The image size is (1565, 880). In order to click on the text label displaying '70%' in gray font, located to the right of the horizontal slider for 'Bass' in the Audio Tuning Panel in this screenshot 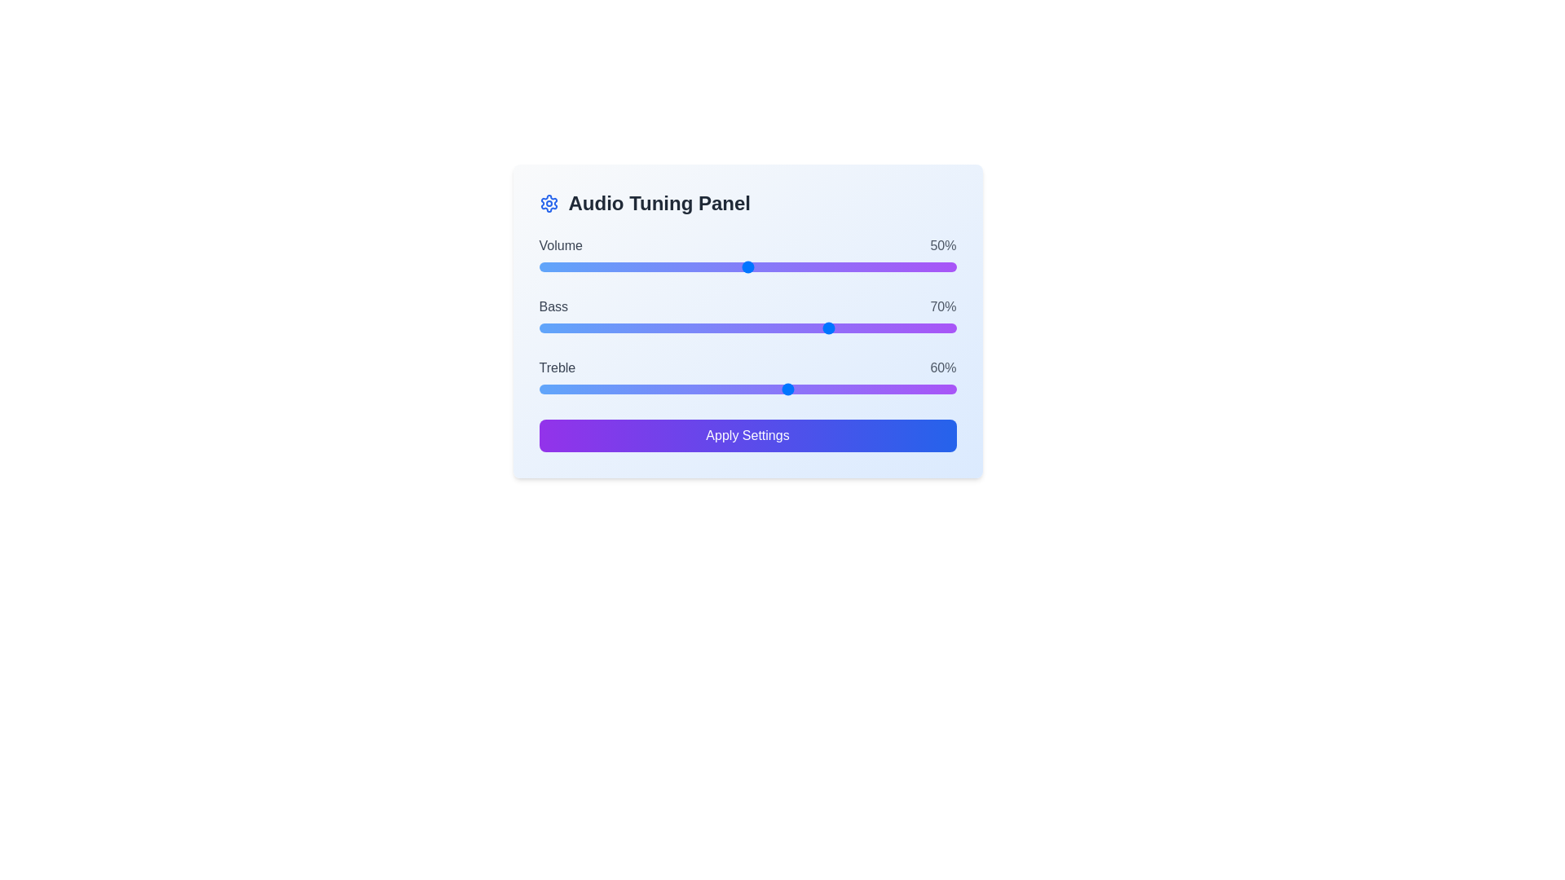, I will do `click(943, 307)`.